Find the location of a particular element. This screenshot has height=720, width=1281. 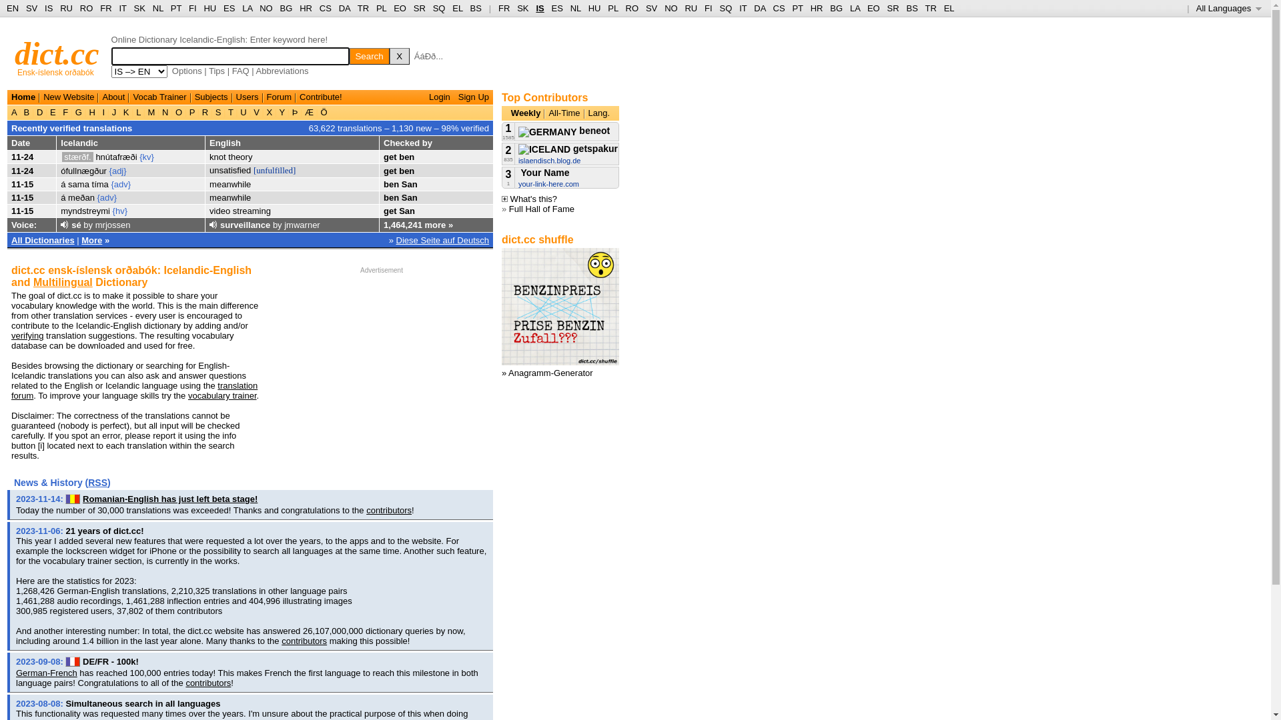

'A' is located at coordinates (11, 111).